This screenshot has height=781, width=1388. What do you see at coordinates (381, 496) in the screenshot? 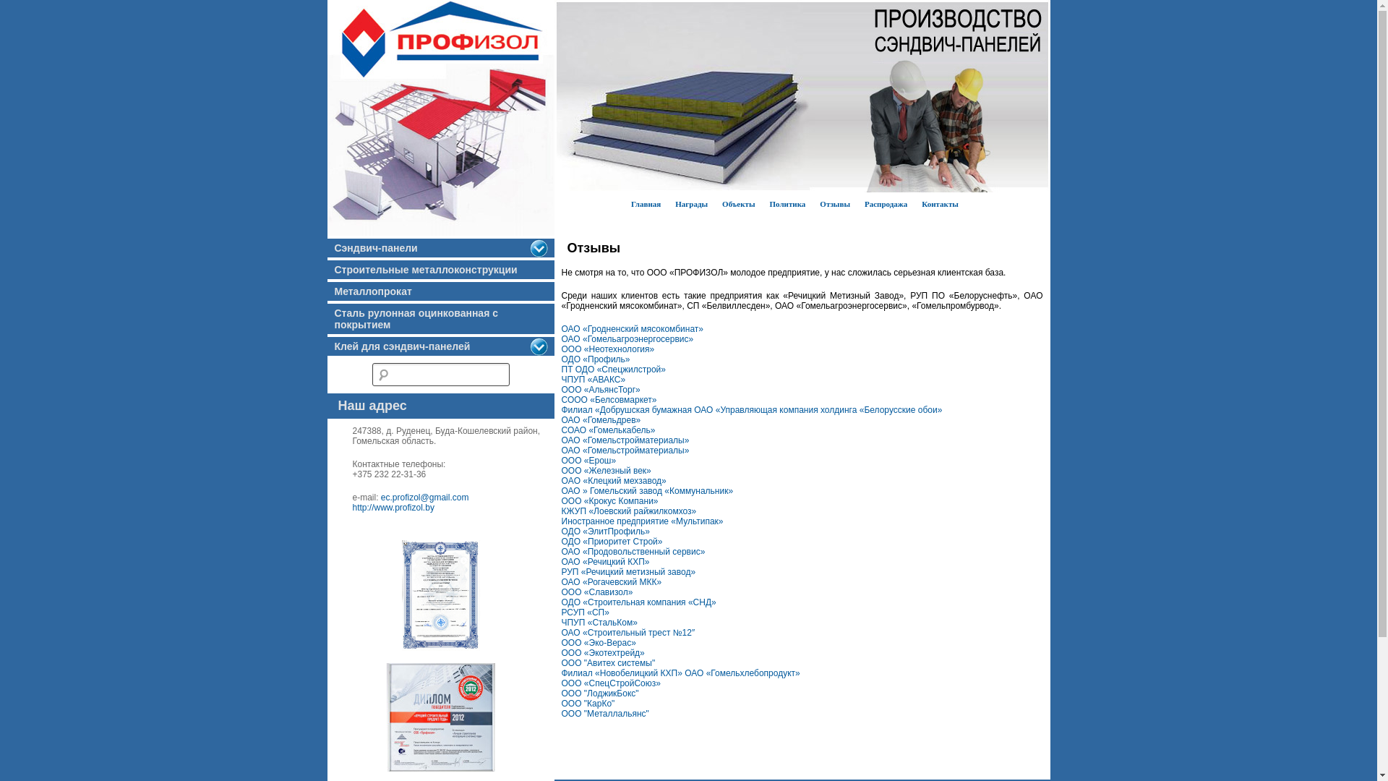
I see `'ec.profizol@gmail.com'` at bounding box center [381, 496].